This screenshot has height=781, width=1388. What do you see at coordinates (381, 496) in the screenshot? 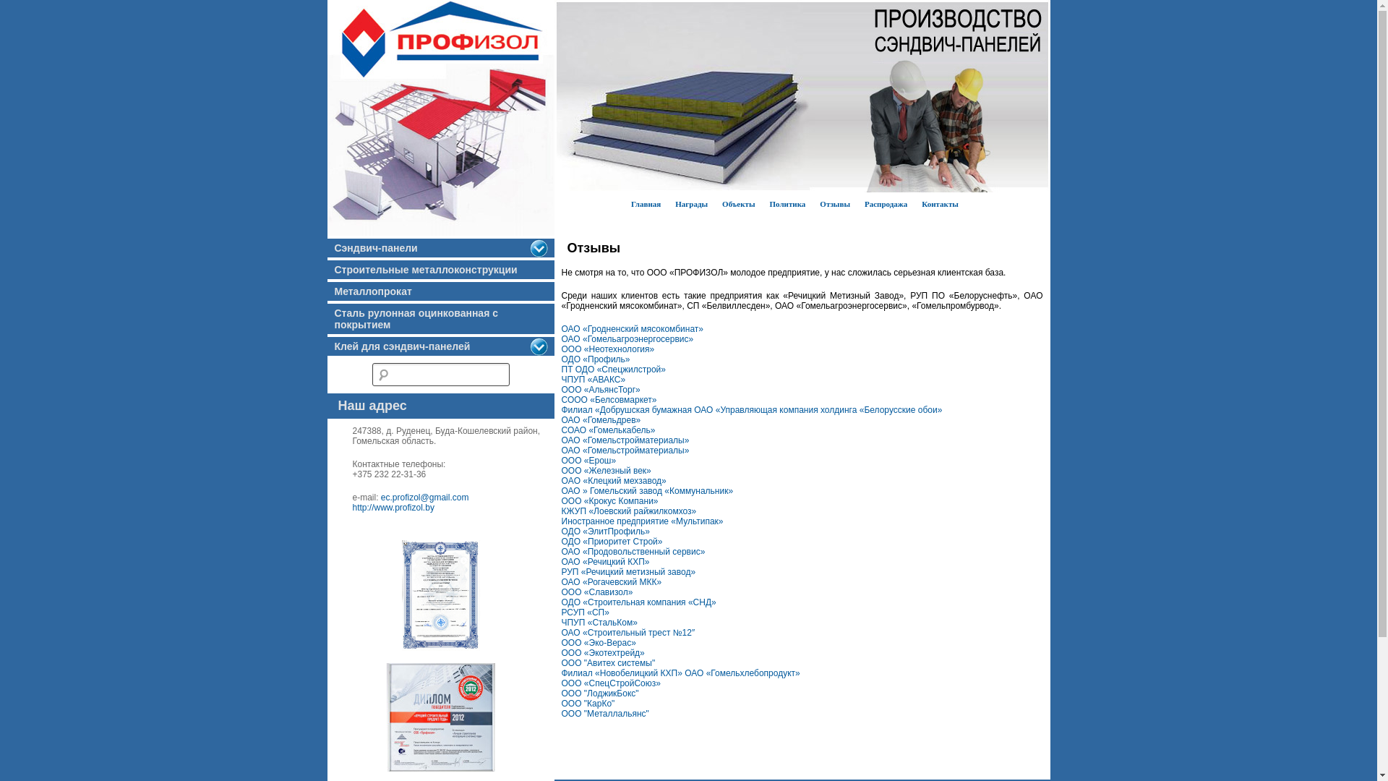
I see `'ec.profizol@gmail.com'` at bounding box center [381, 496].